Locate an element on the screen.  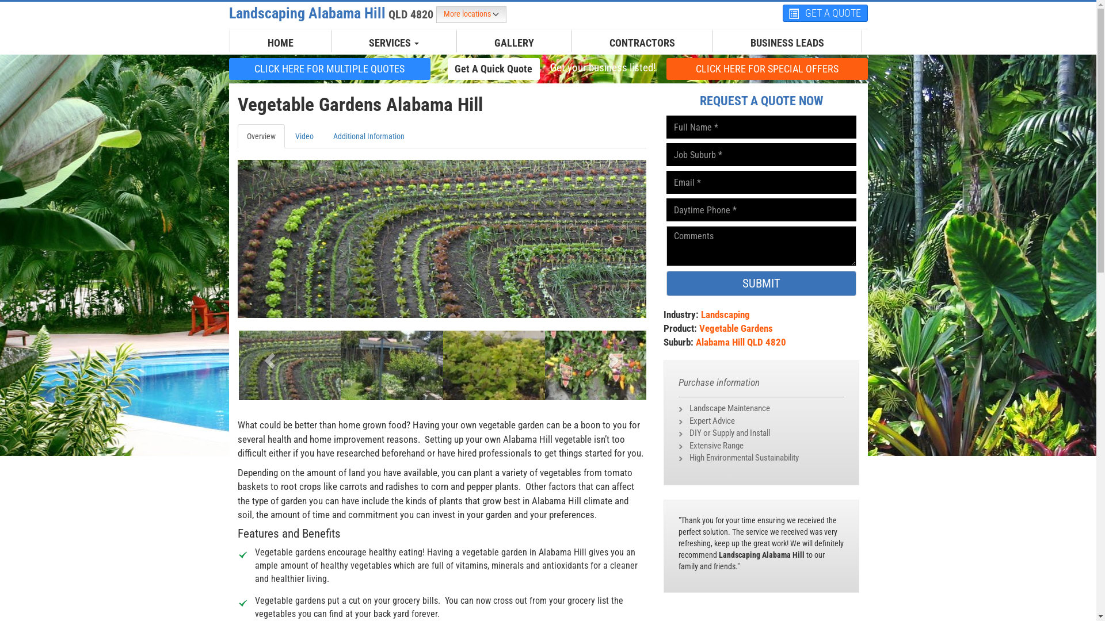
'CLICK HERE FOR SPECIAL OFFERS' is located at coordinates (767, 68).